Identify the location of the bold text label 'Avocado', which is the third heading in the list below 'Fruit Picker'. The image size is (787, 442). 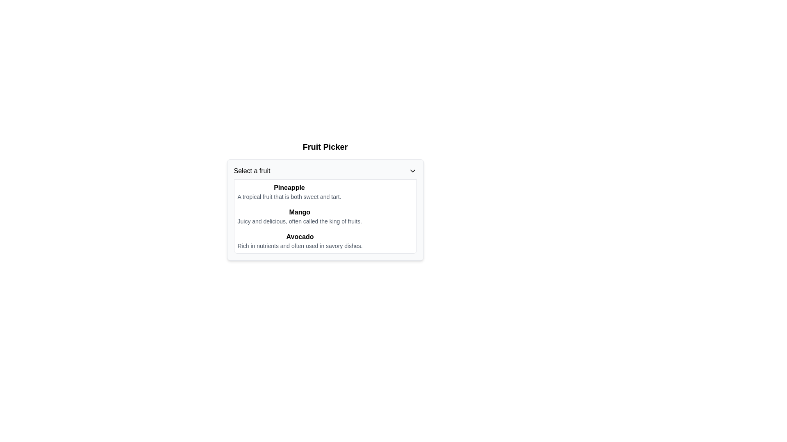
(300, 237).